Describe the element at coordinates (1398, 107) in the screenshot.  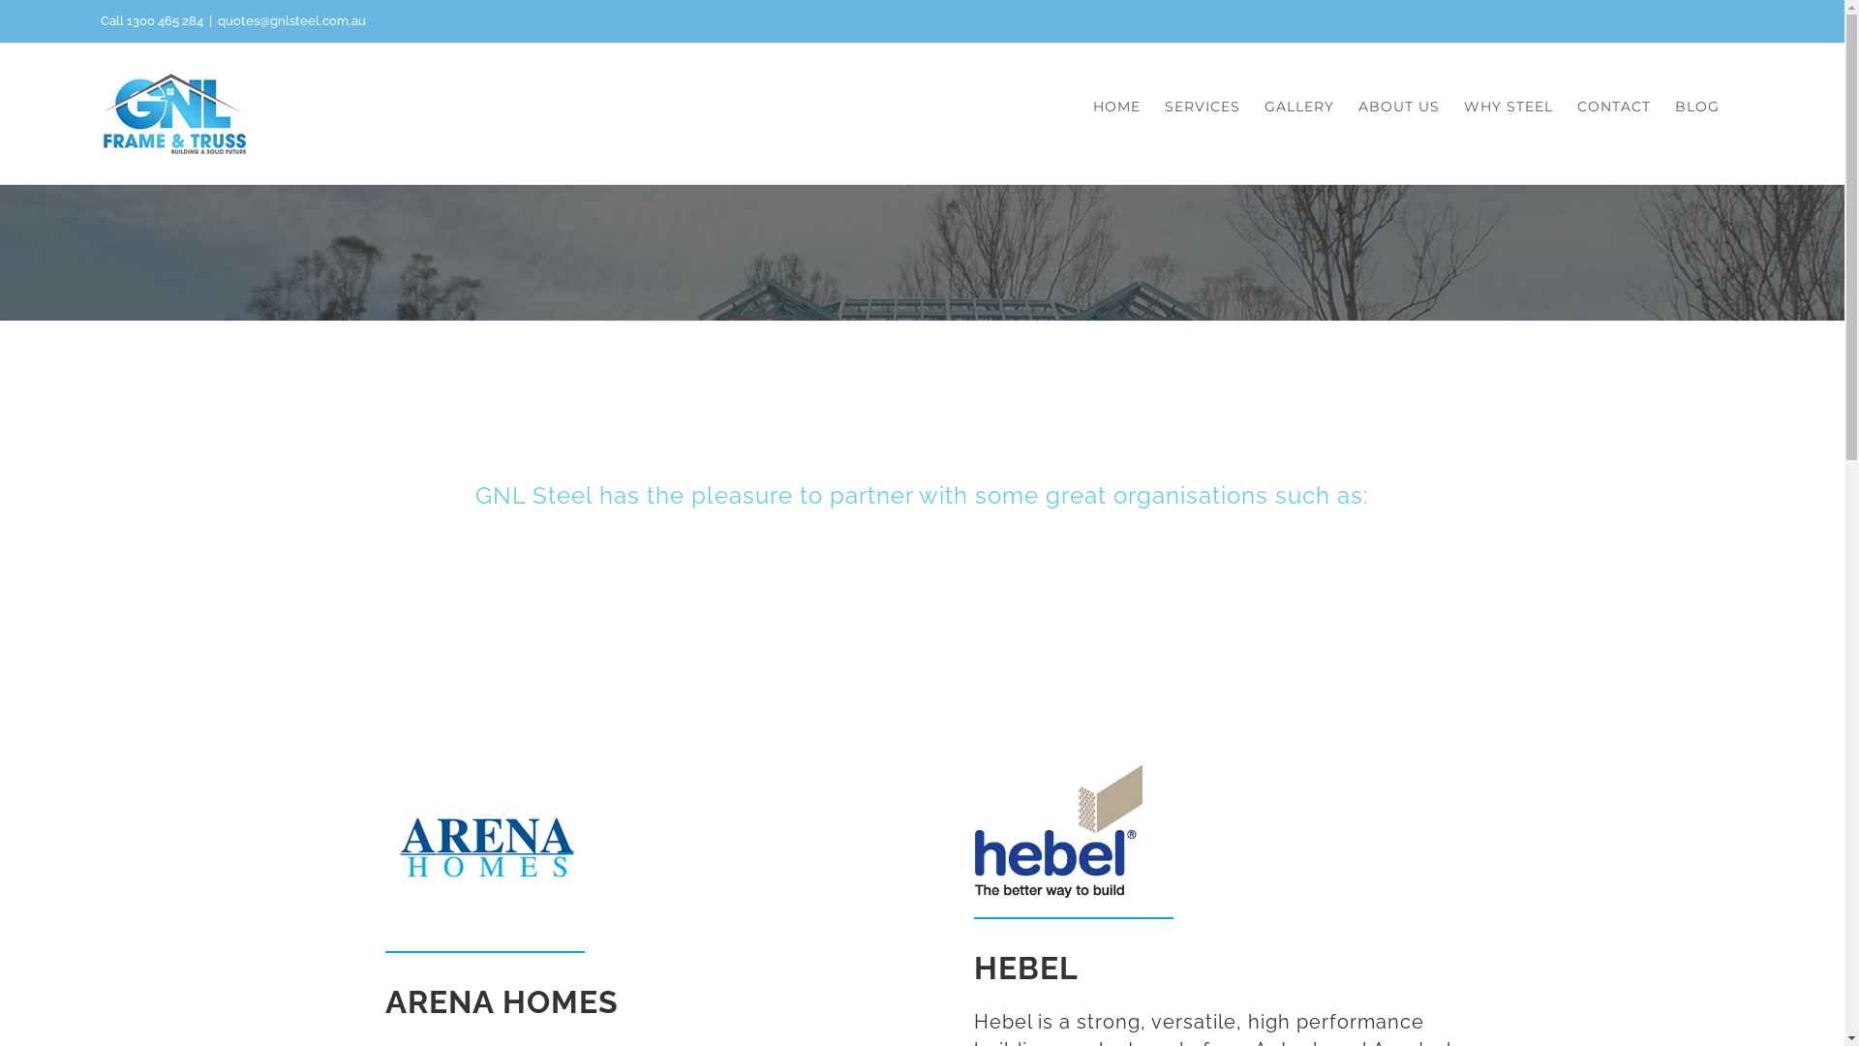
I see `'ABOUT US'` at that location.